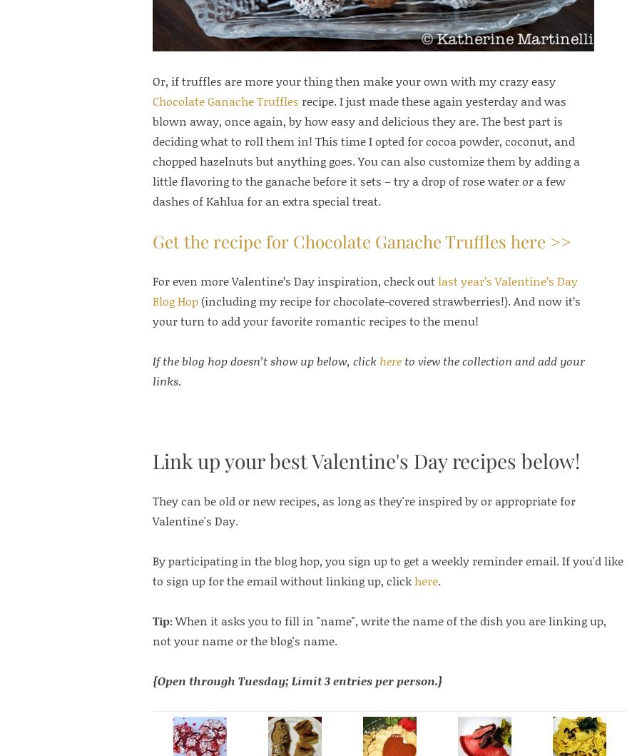  Describe the element at coordinates (438, 579) in the screenshot. I see `'.'` at that location.